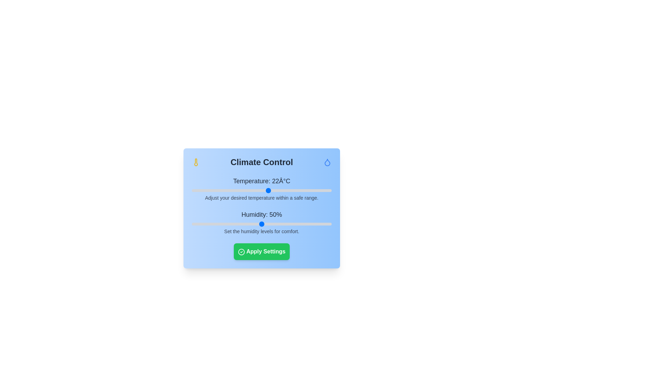 Image resolution: width=671 pixels, height=377 pixels. I want to click on the temperature, so click(265, 191).